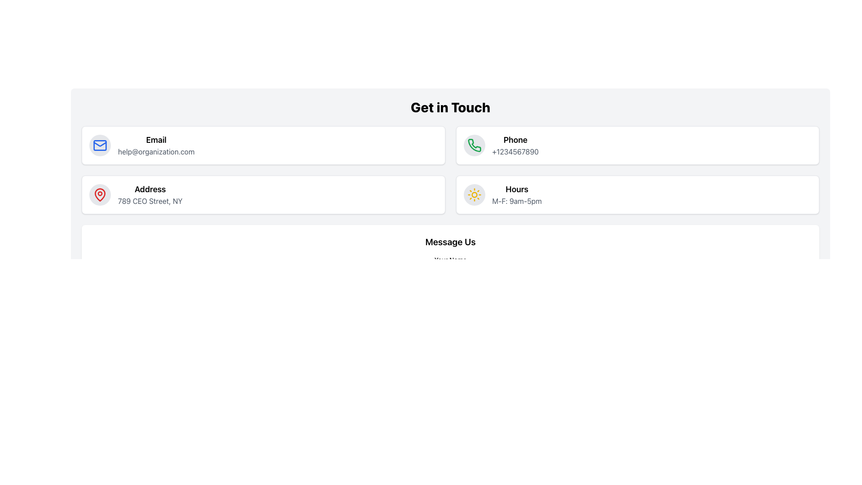 This screenshot has height=485, width=862. Describe the element at coordinates (100, 145) in the screenshot. I see `the blue envelope icon in the upper left cell of the 'Get in Touch' section to interact with it` at that location.